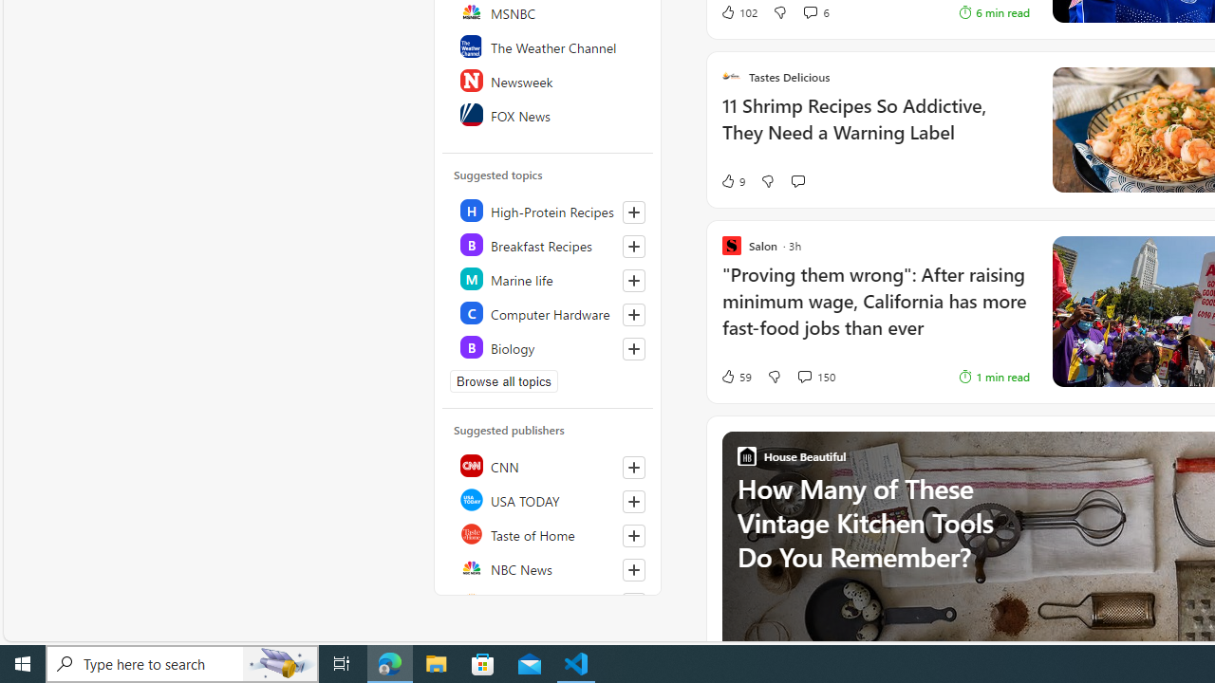 This screenshot has height=683, width=1215. What do you see at coordinates (804, 376) in the screenshot?
I see `'View comments 150 Comment'` at bounding box center [804, 376].